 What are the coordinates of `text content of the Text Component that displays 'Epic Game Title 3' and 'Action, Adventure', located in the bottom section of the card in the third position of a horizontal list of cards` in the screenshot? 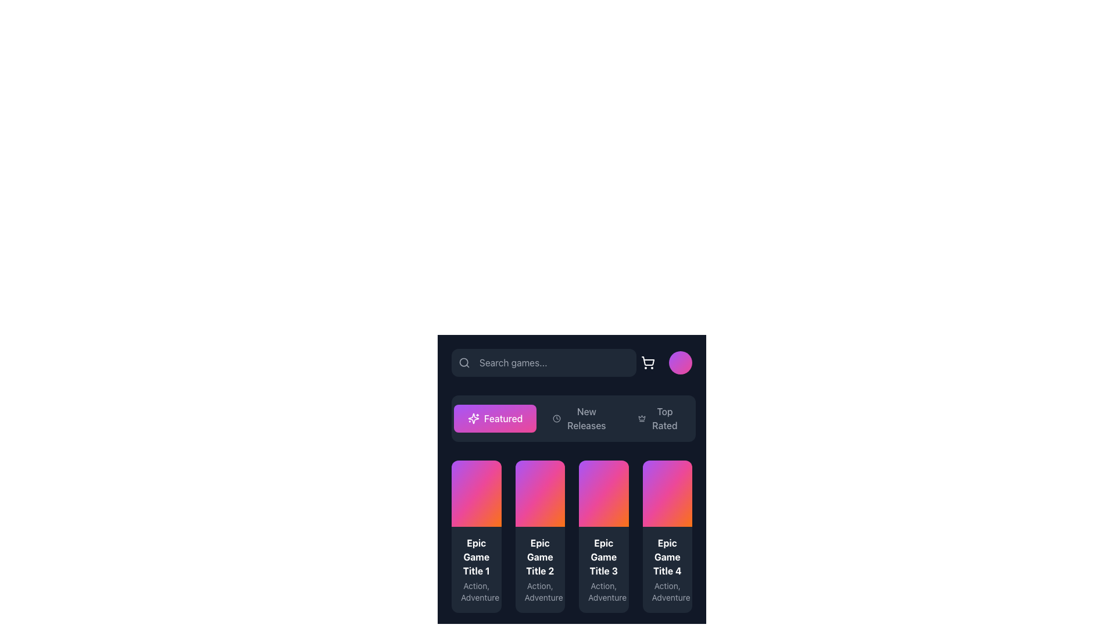 It's located at (603, 569).